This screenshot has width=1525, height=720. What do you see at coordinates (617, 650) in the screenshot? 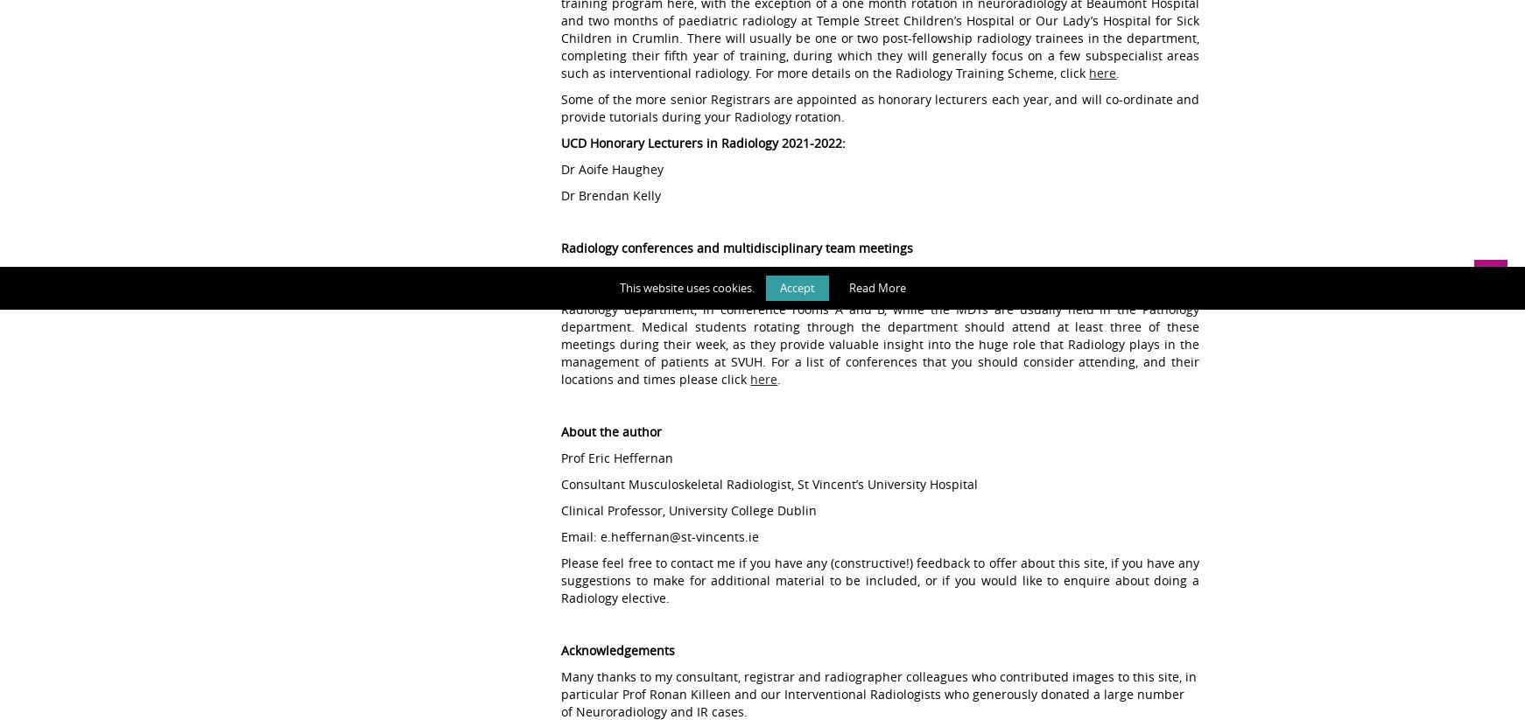
I see `'Acknowledgements'` at bounding box center [617, 650].